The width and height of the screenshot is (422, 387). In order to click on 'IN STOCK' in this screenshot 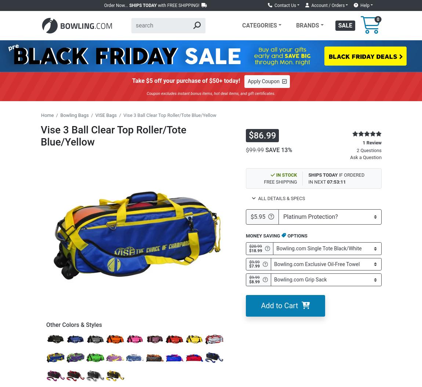, I will do `click(285, 174)`.